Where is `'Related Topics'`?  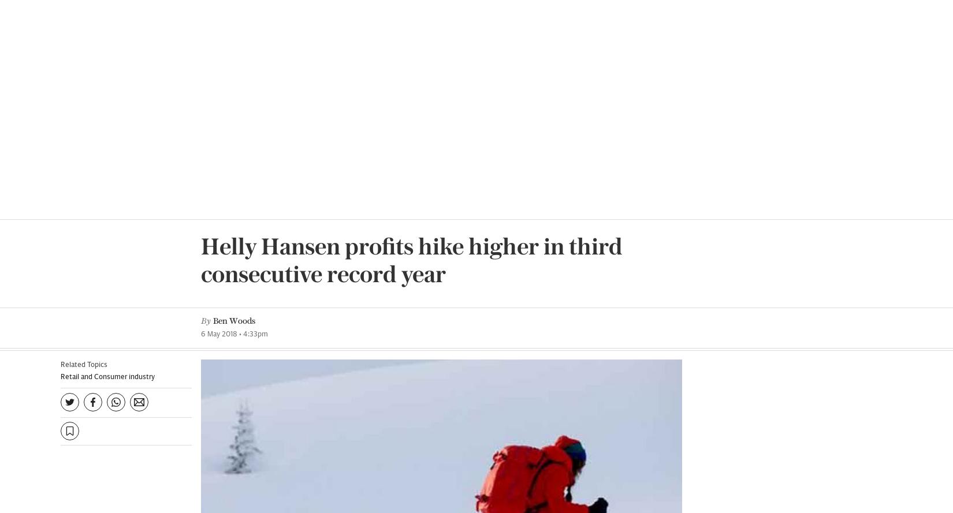 'Related Topics' is located at coordinates (84, 9).